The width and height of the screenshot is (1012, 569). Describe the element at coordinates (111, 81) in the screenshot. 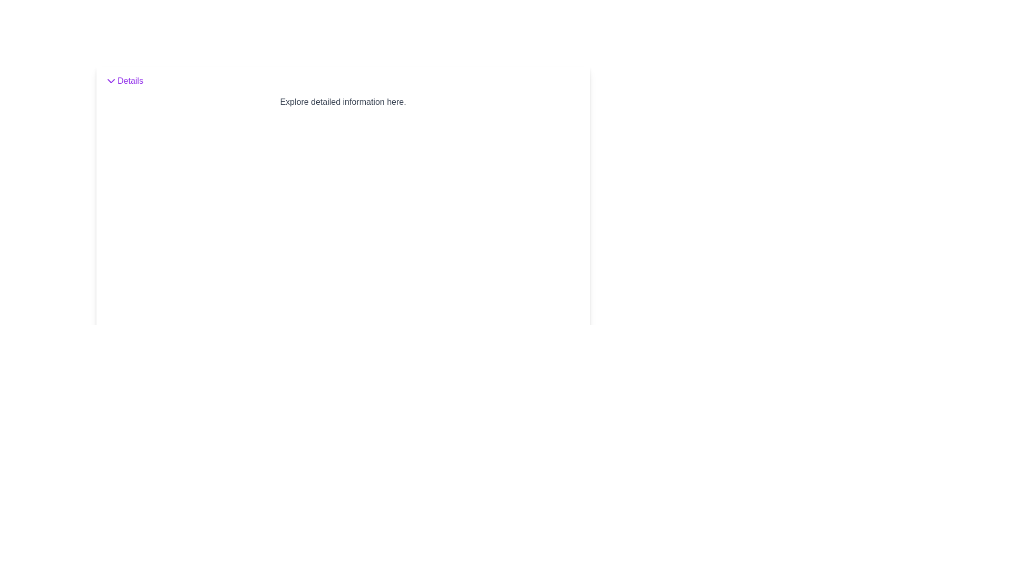

I see `the downward-pointing purple chevron icon` at that location.